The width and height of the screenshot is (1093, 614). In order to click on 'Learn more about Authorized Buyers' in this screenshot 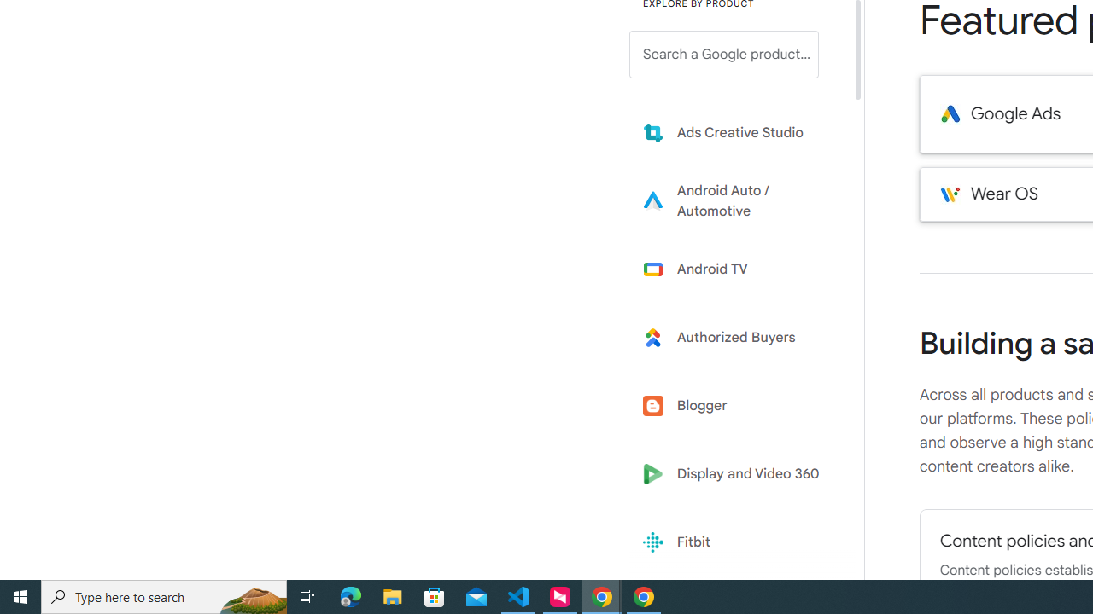, I will do `click(736, 338)`.